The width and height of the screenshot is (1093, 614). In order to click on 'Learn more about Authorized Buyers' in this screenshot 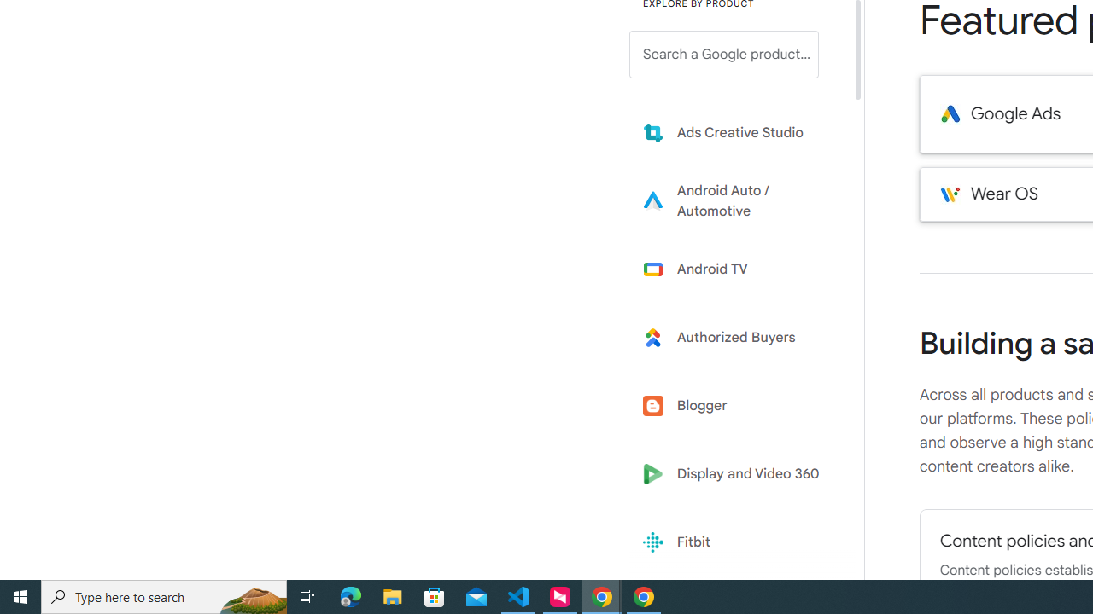, I will do `click(736, 338)`.